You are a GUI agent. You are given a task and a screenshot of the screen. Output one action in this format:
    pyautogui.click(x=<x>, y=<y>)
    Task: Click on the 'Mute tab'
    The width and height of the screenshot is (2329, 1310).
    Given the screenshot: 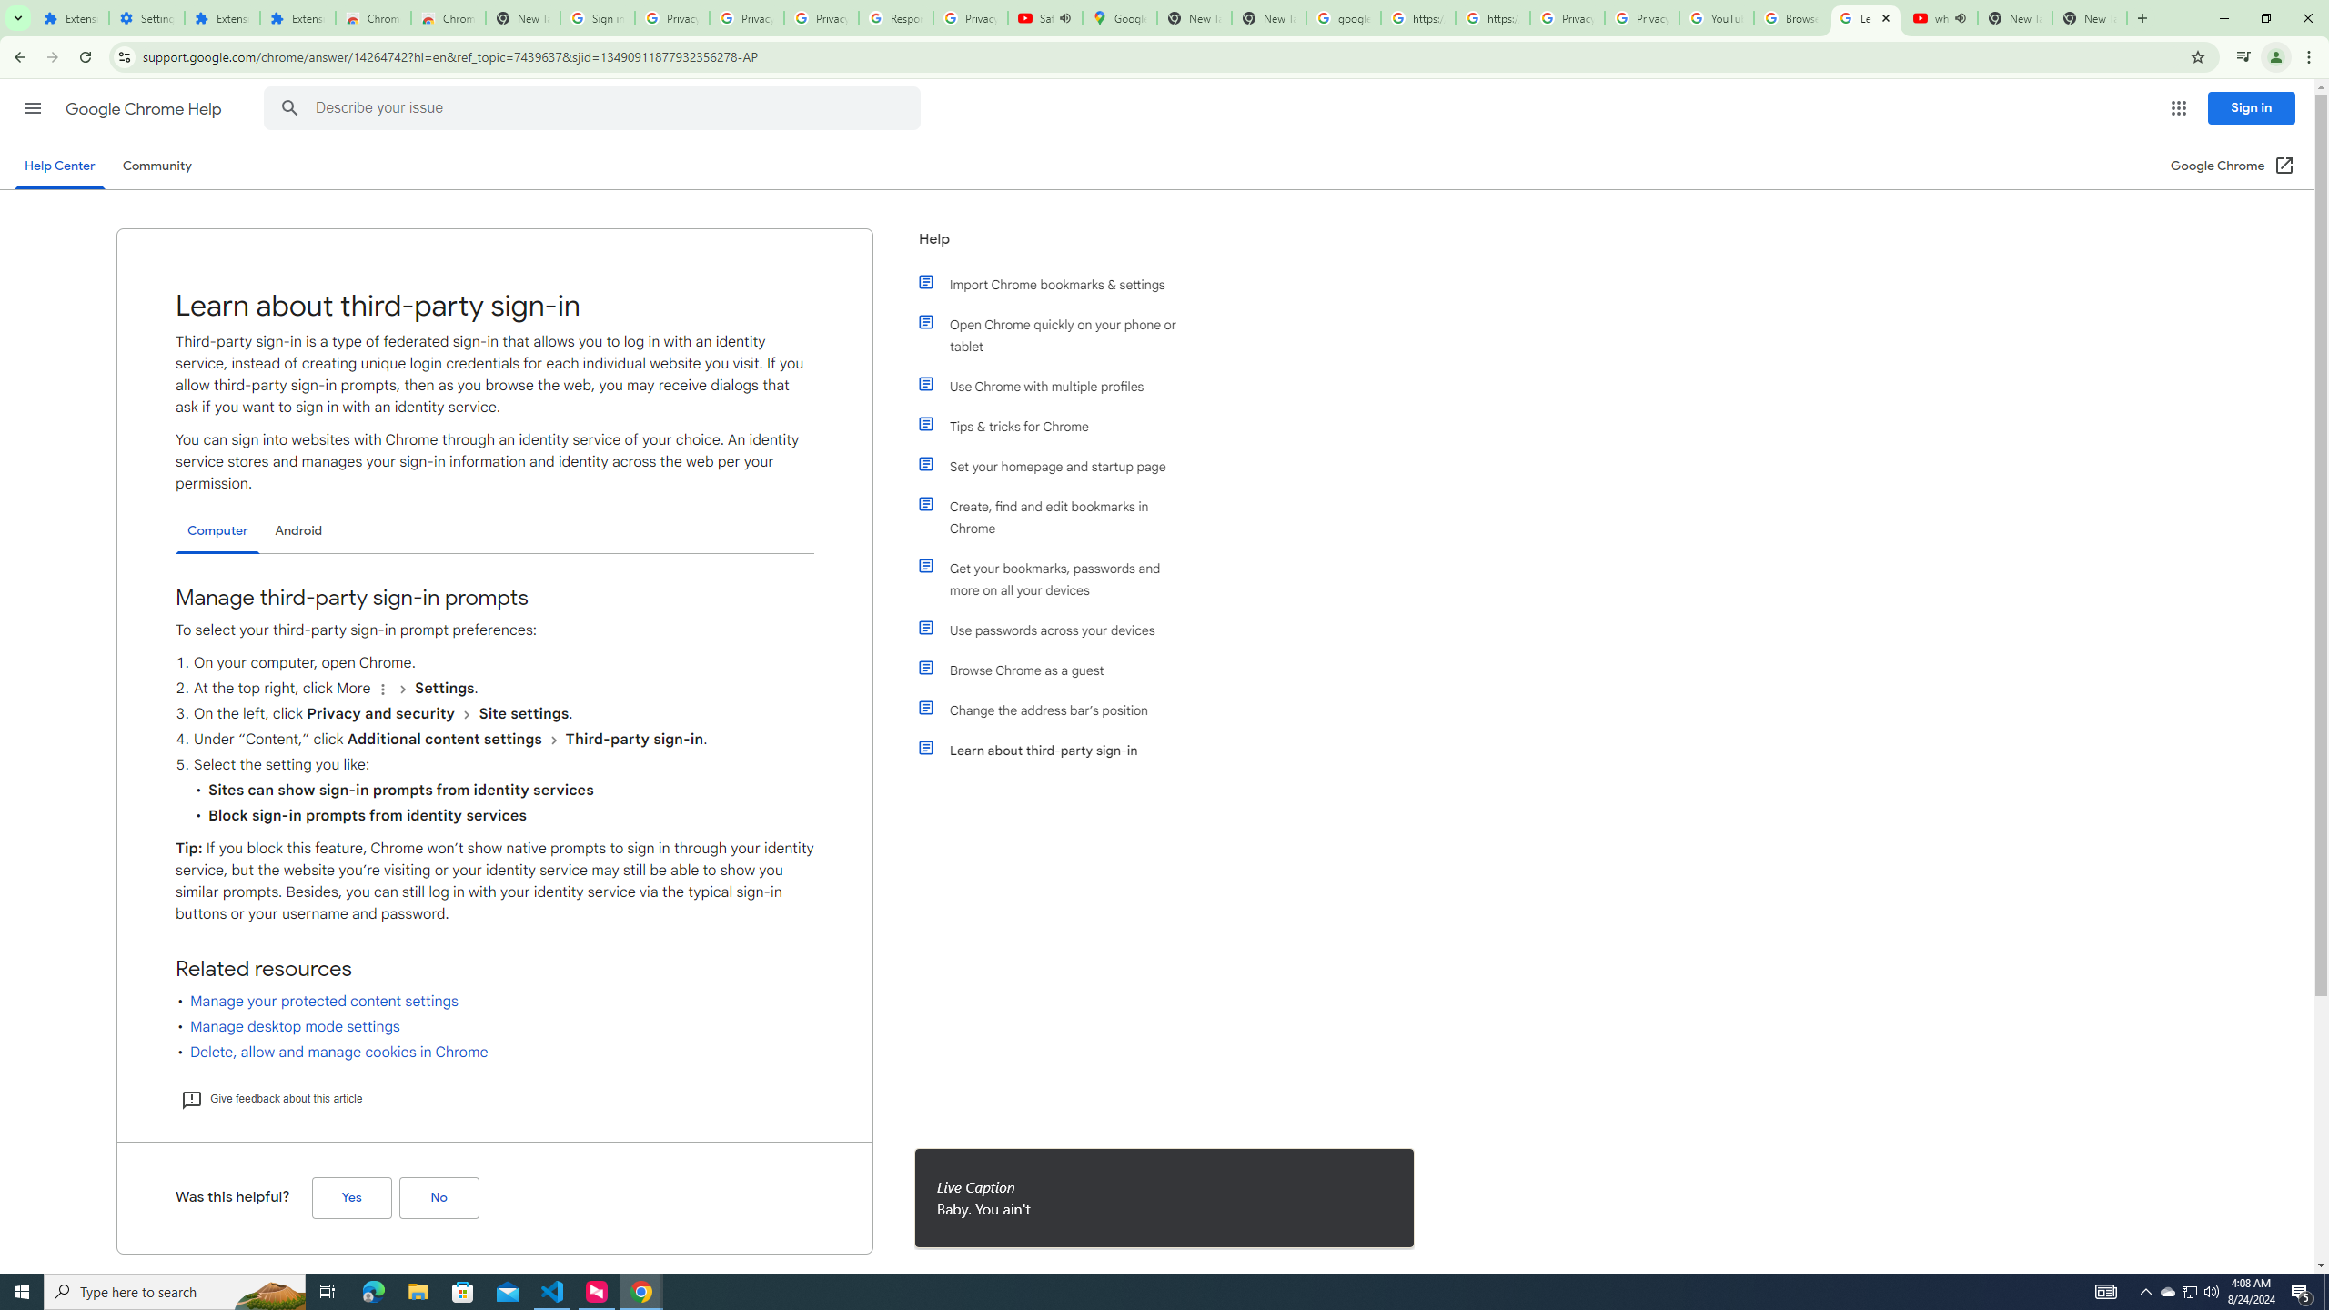 What is the action you would take?
    pyautogui.click(x=1961, y=17)
    